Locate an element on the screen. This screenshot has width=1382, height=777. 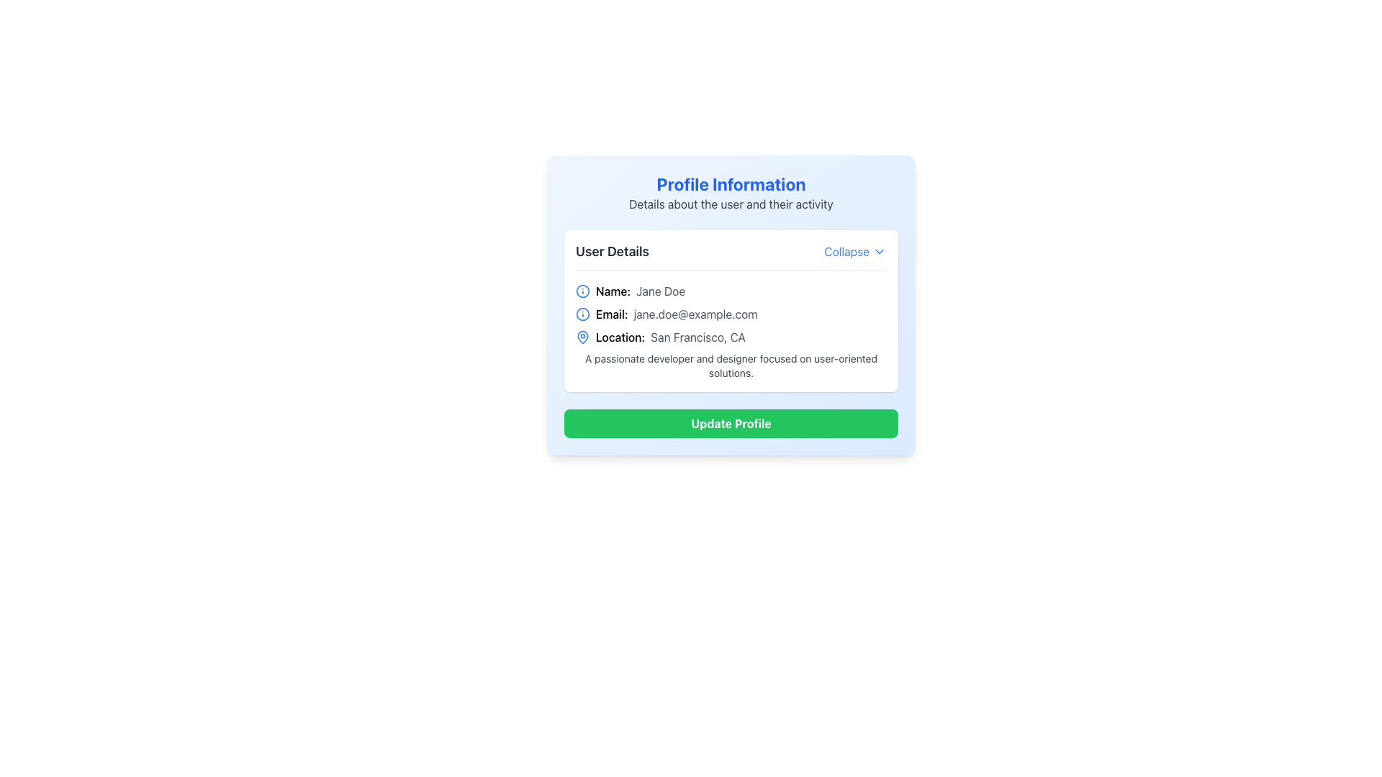
the static text field displaying location information, which is positioned horizontally aligned with the label 'Location:' in the user details section is located at coordinates (697, 337).